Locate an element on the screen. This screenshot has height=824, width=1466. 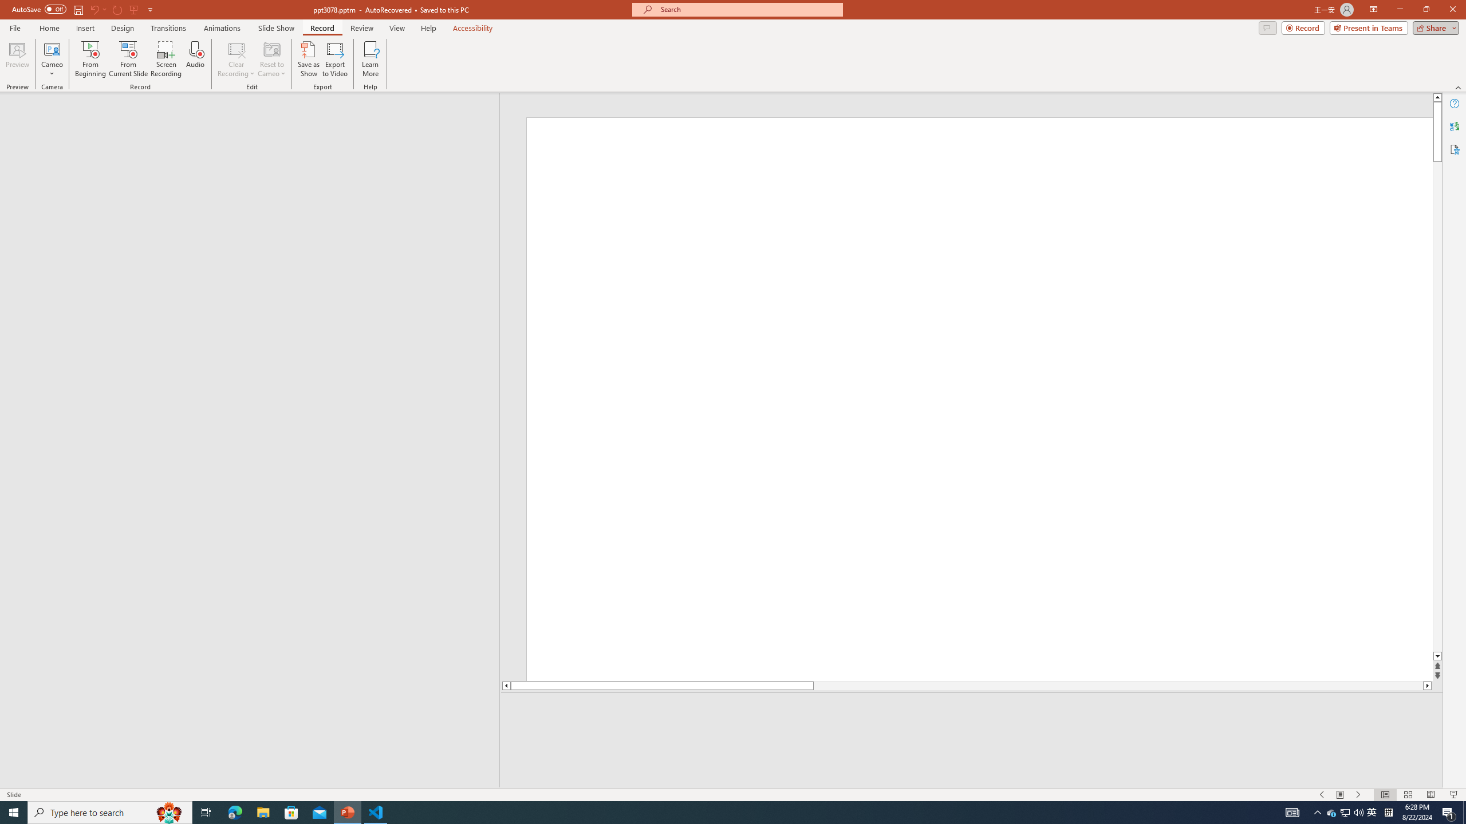
'Export to Video' is located at coordinates (334, 59).